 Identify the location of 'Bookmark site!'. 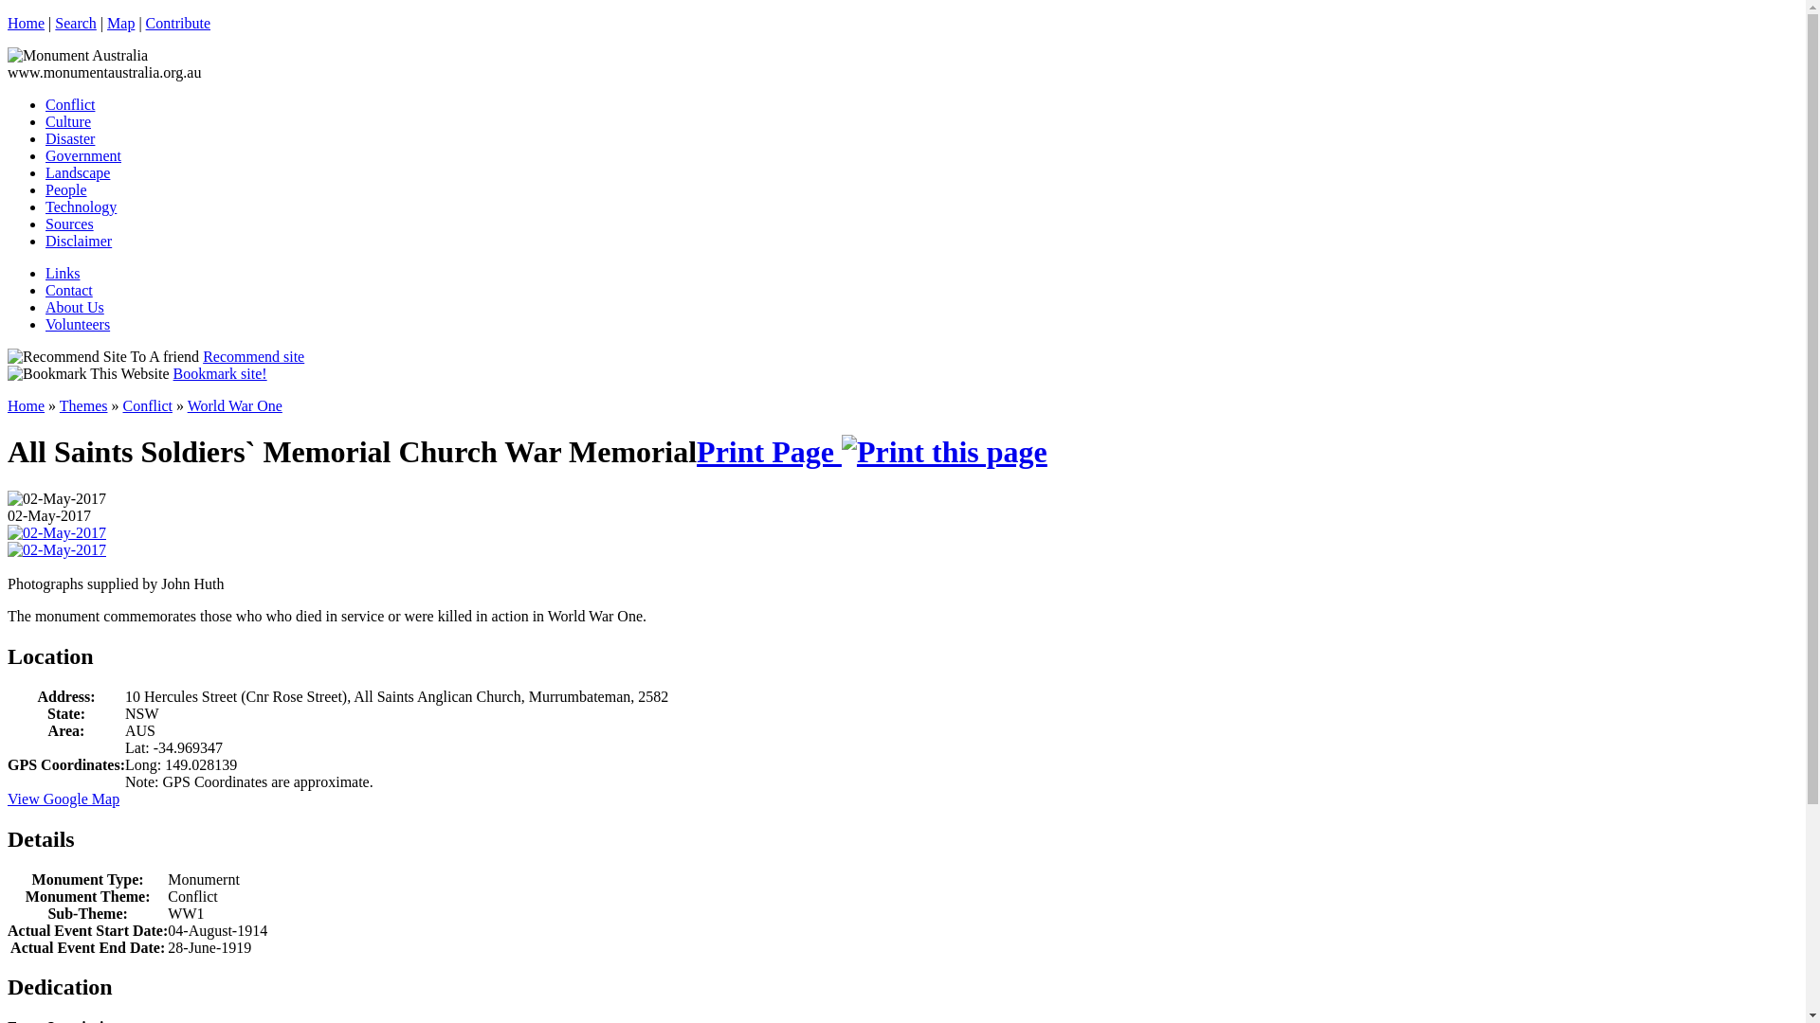
(220, 373).